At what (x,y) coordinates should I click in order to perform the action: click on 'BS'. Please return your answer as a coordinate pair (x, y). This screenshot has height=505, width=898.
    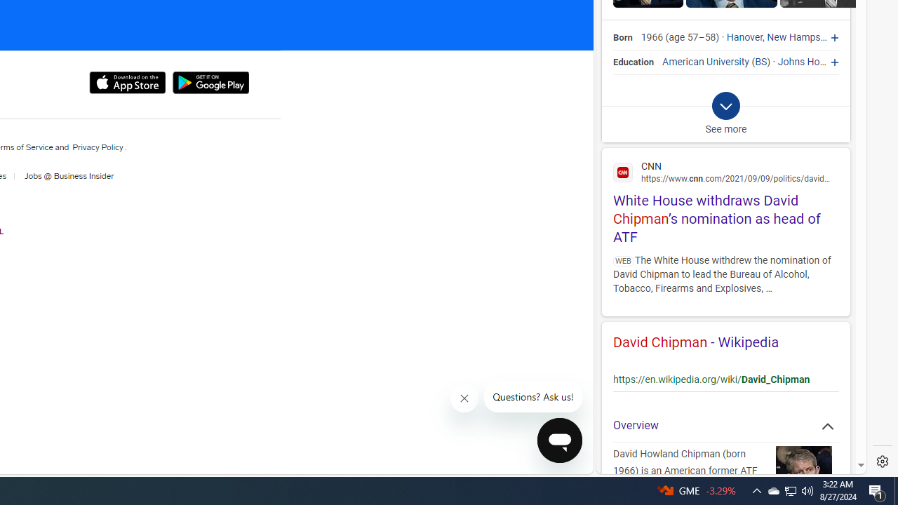
    Looking at the image, I should click on (760, 61).